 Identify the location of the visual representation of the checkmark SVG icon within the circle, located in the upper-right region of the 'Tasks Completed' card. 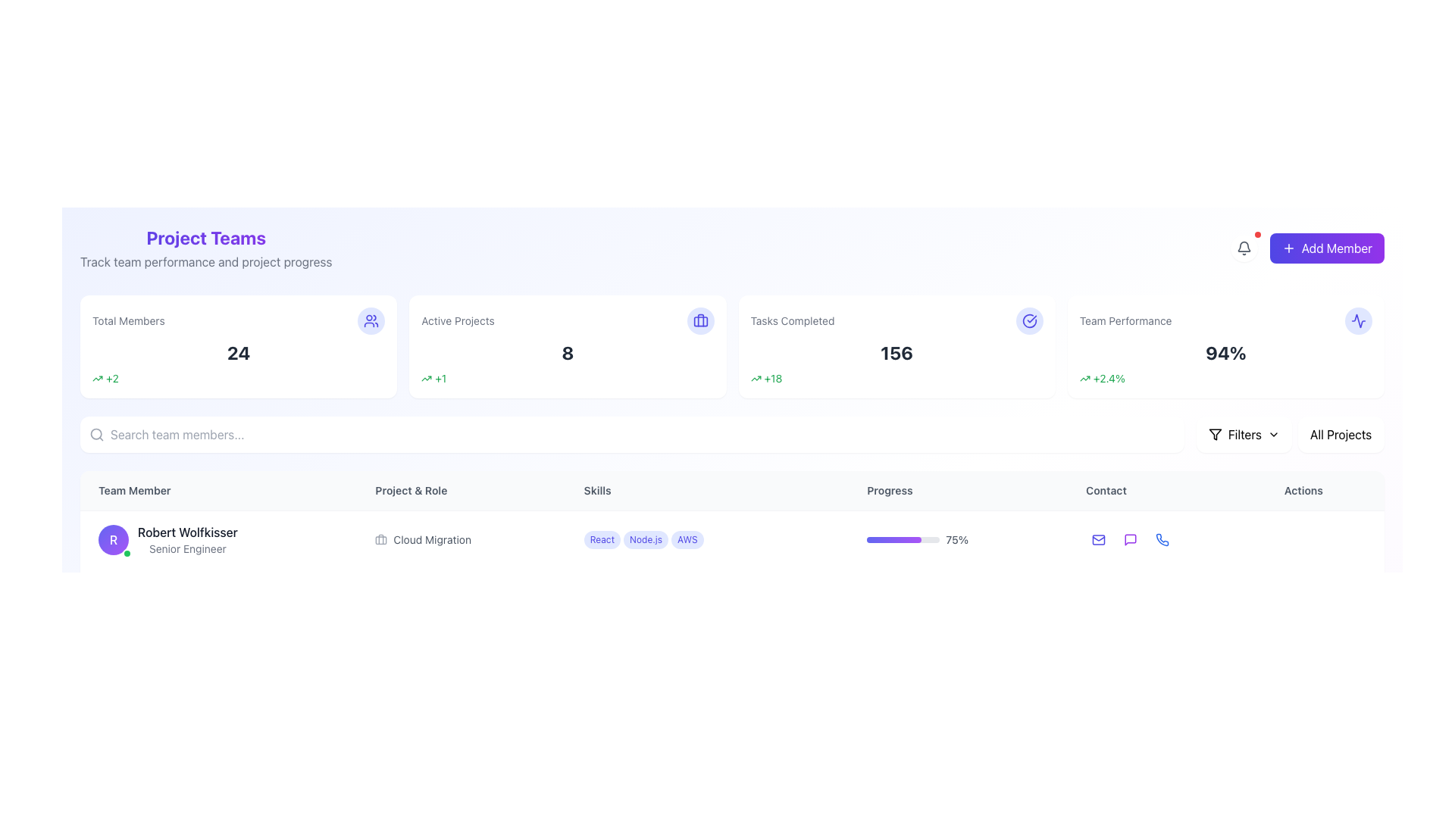
(1029, 320).